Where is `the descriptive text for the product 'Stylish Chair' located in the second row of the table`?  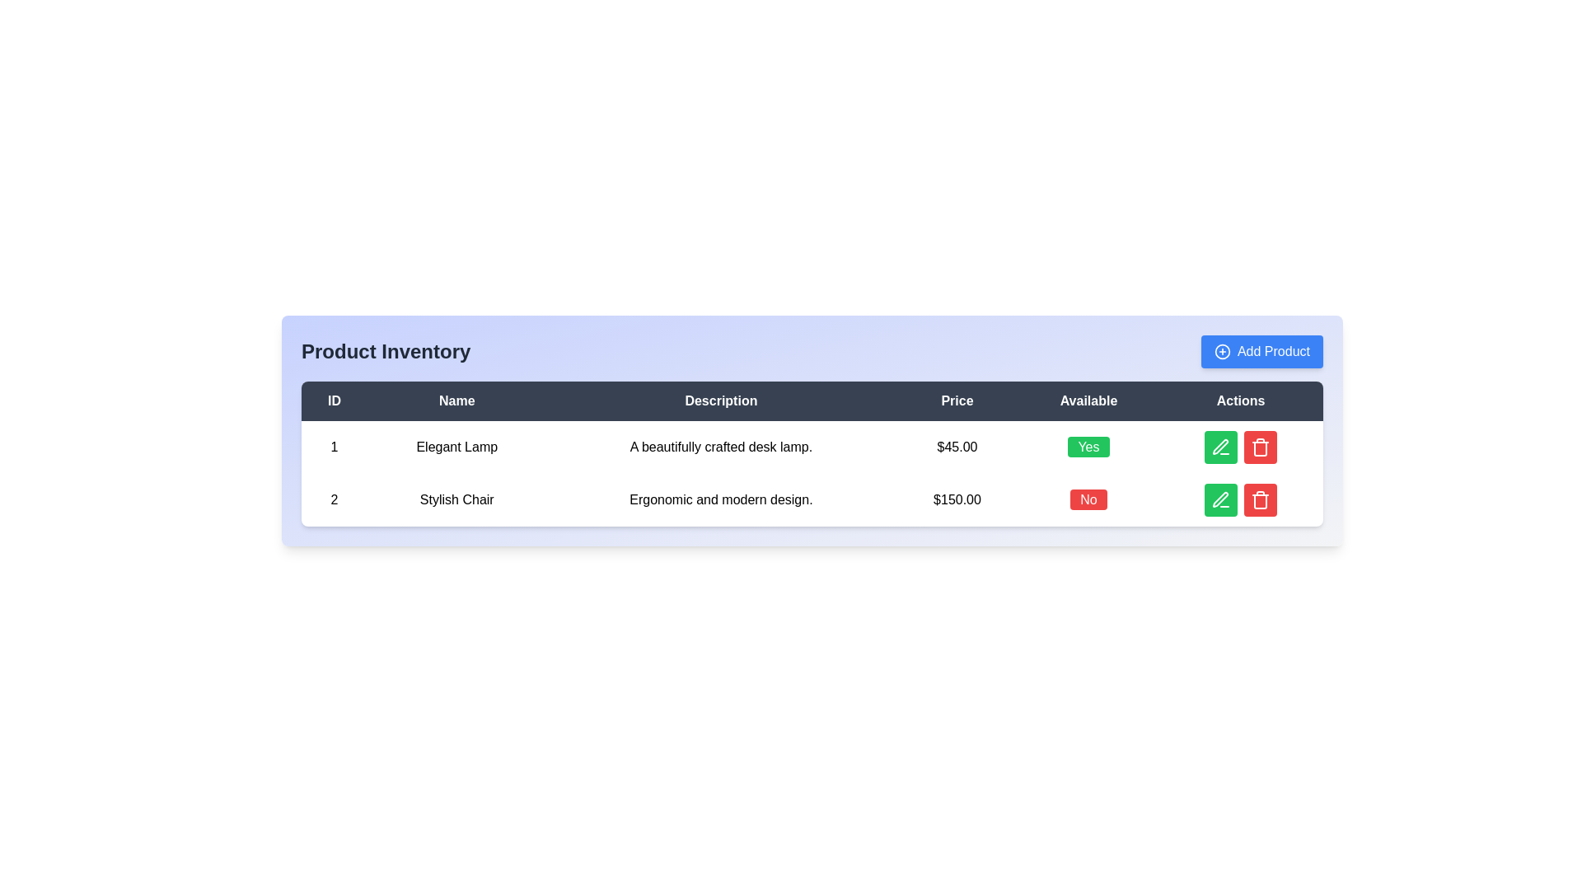 the descriptive text for the product 'Stylish Chair' located in the second row of the table is located at coordinates (721, 499).